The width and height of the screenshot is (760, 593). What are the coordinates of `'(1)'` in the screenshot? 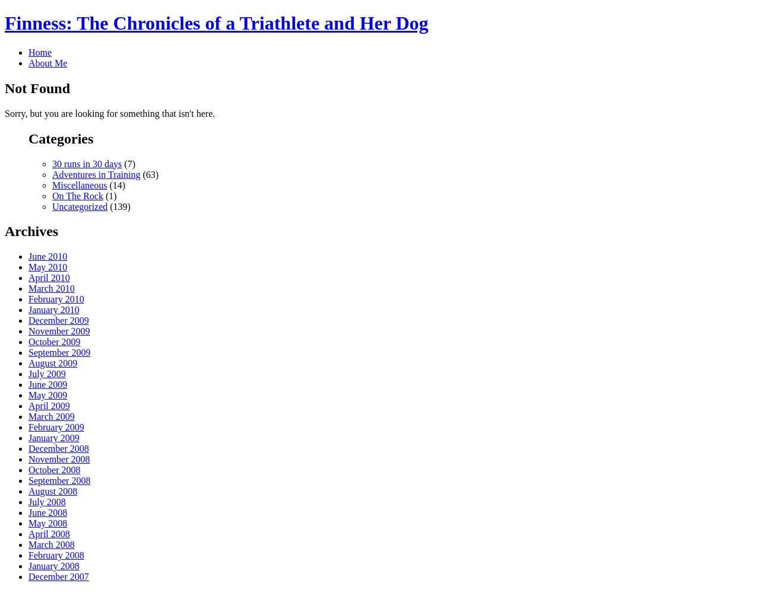 It's located at (109, 195).